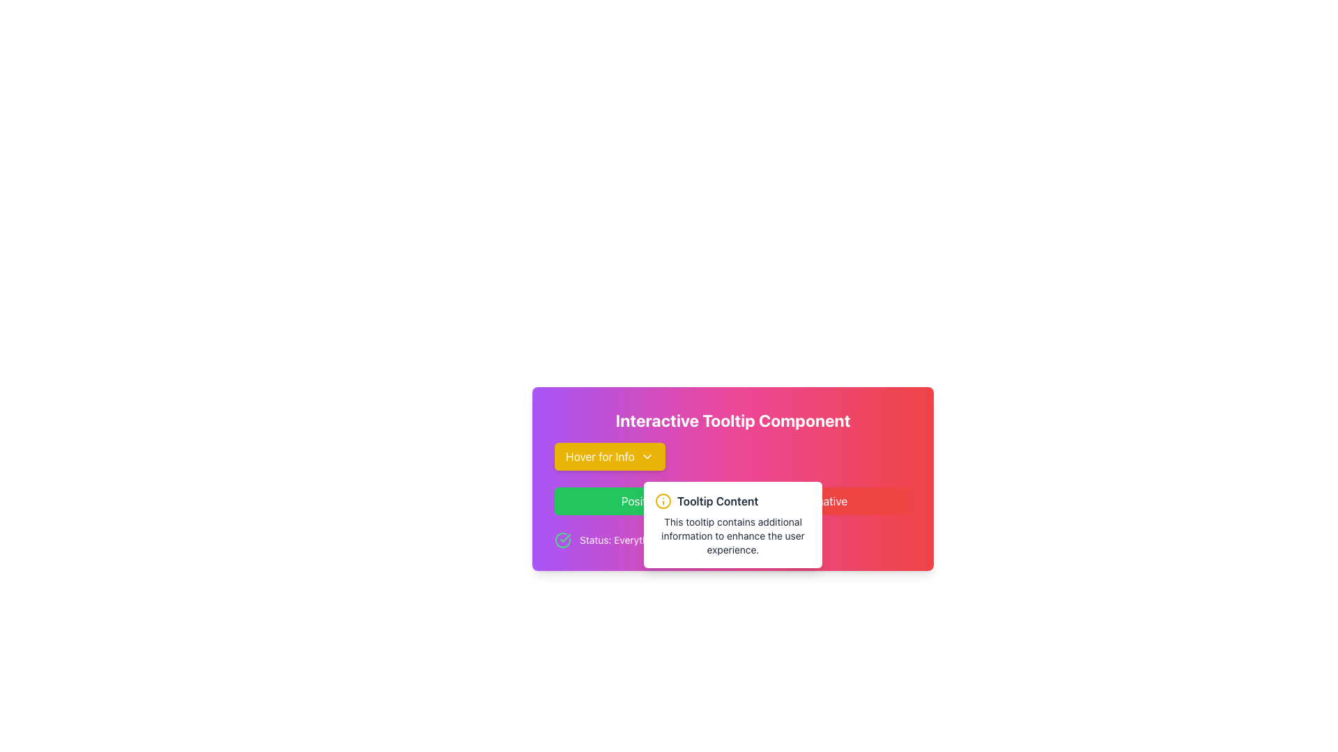 This screenshot has height=752, width=1338. What do you see at coordinates (732, 420) in the screenshot?
I see `large, bold white text block that says 'Interactive Tooltip Component' at the top of the colorful gradient card` at bounding box center [732, 420].